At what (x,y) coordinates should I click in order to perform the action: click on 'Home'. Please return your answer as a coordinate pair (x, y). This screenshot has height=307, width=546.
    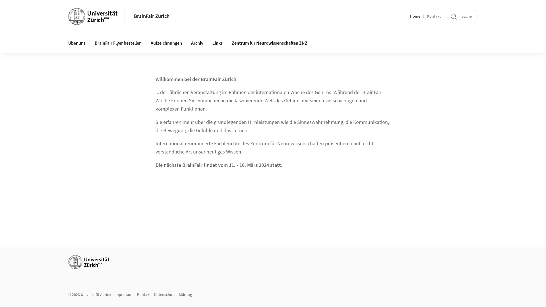
    Looking at the image, I should click on (415, 16).